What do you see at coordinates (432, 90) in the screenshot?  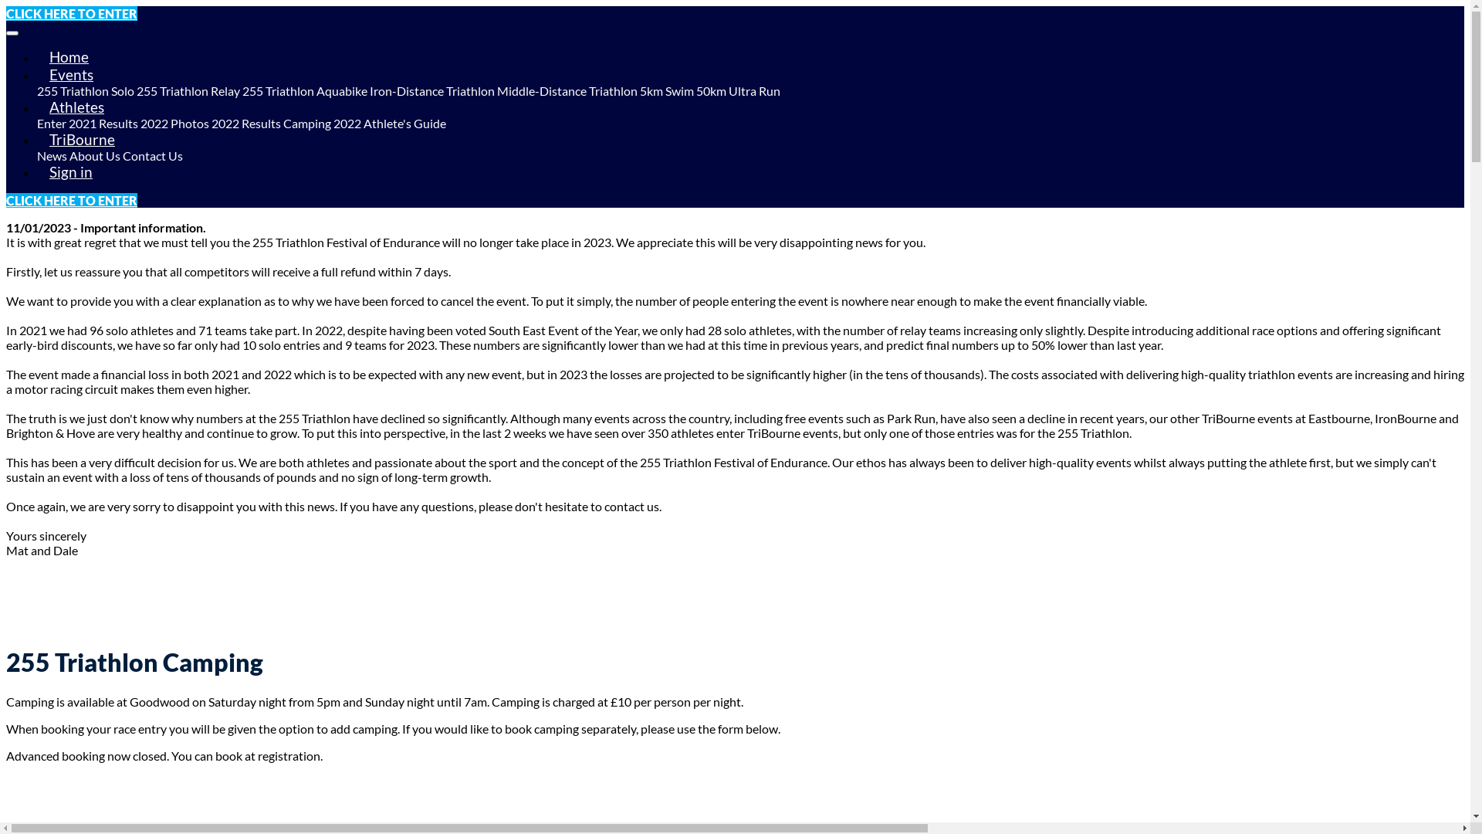 I see `'Iron-Distance Triathlon'` at bounding box center [432, 90].